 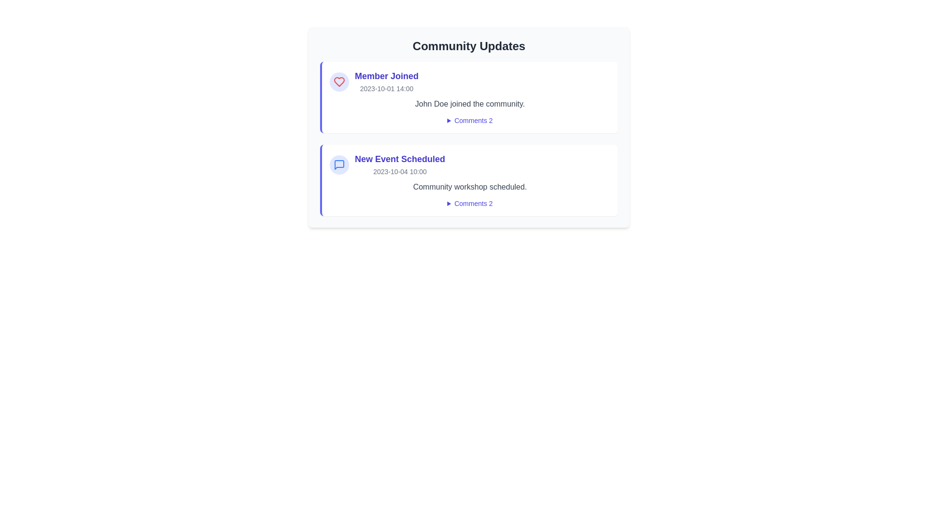 I want to click on the pink heart-shaped icon located at the top-left corner of the 'Member Joined' notification item, which is framed in a circular red icon, so click(x=339, y=81).